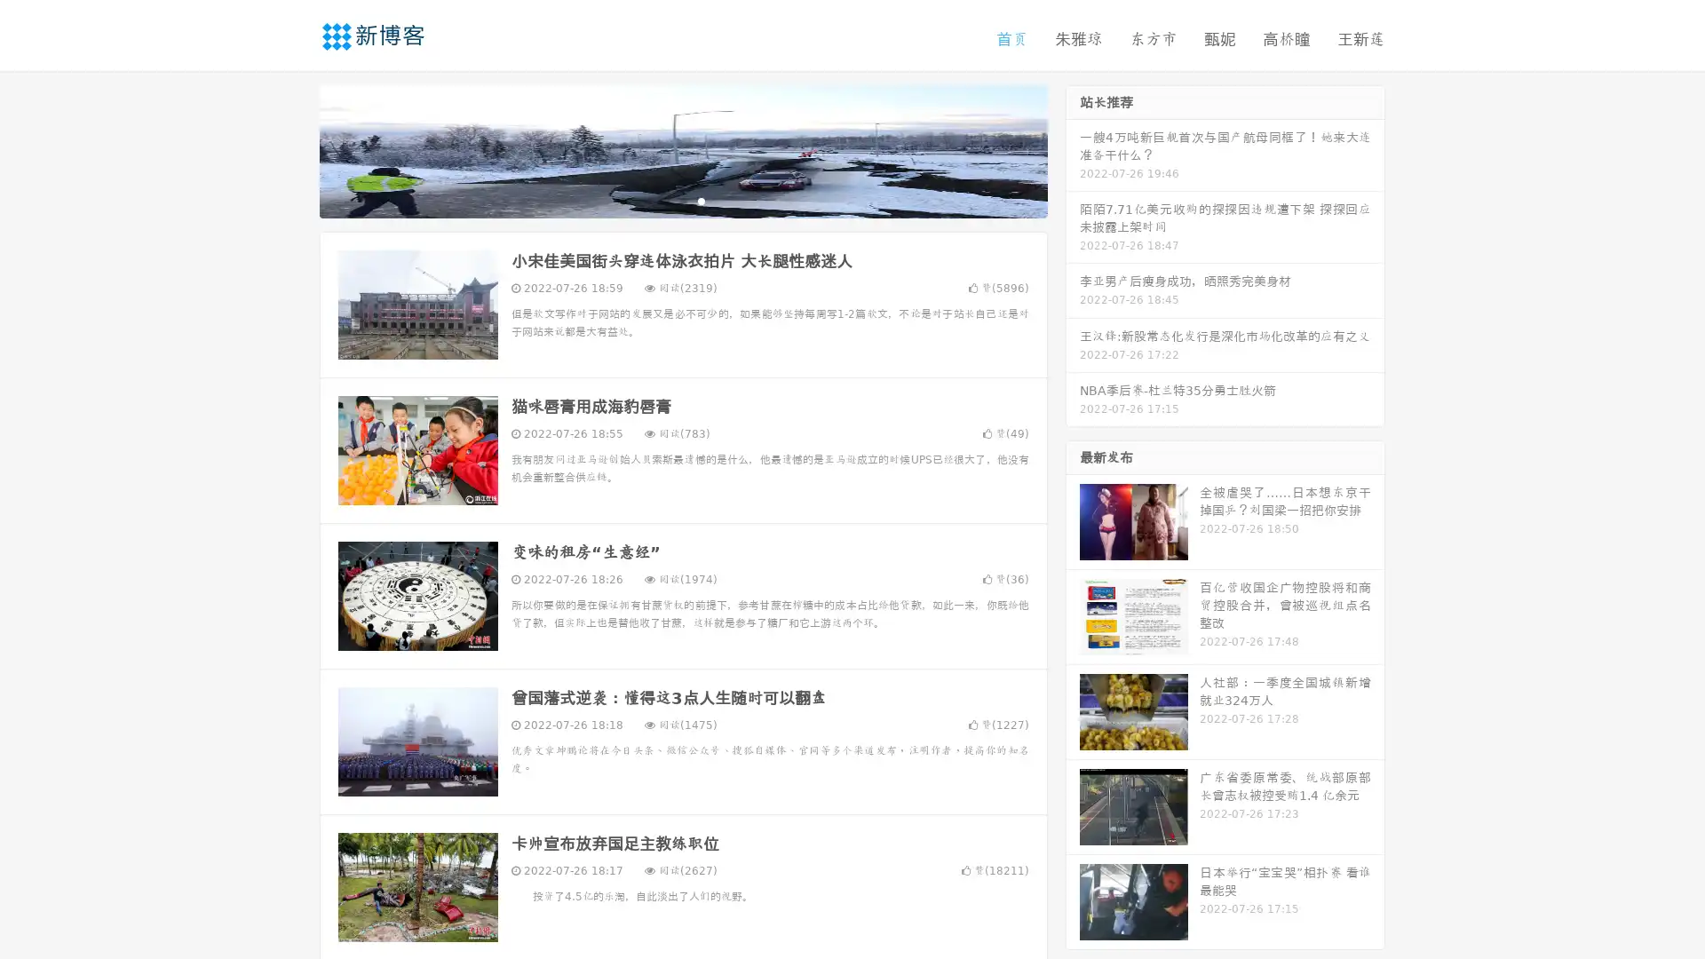  What do you see at coordinates (682, 200) in the screenshot?
I see `Go to slide 2` at bounding box center [682, 200].